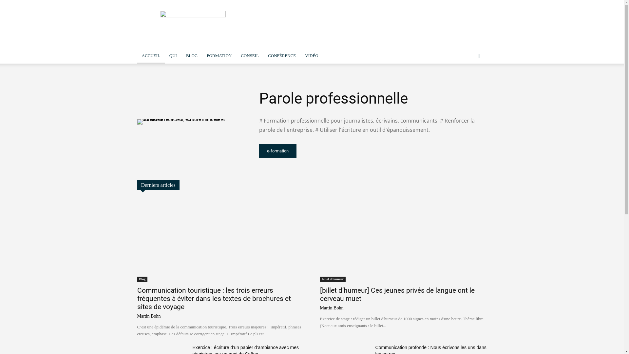  What do you see at coordinates (332, 279) in the screenshot?
I see `'billet d'humeur'` at bounding box center [332, 279].